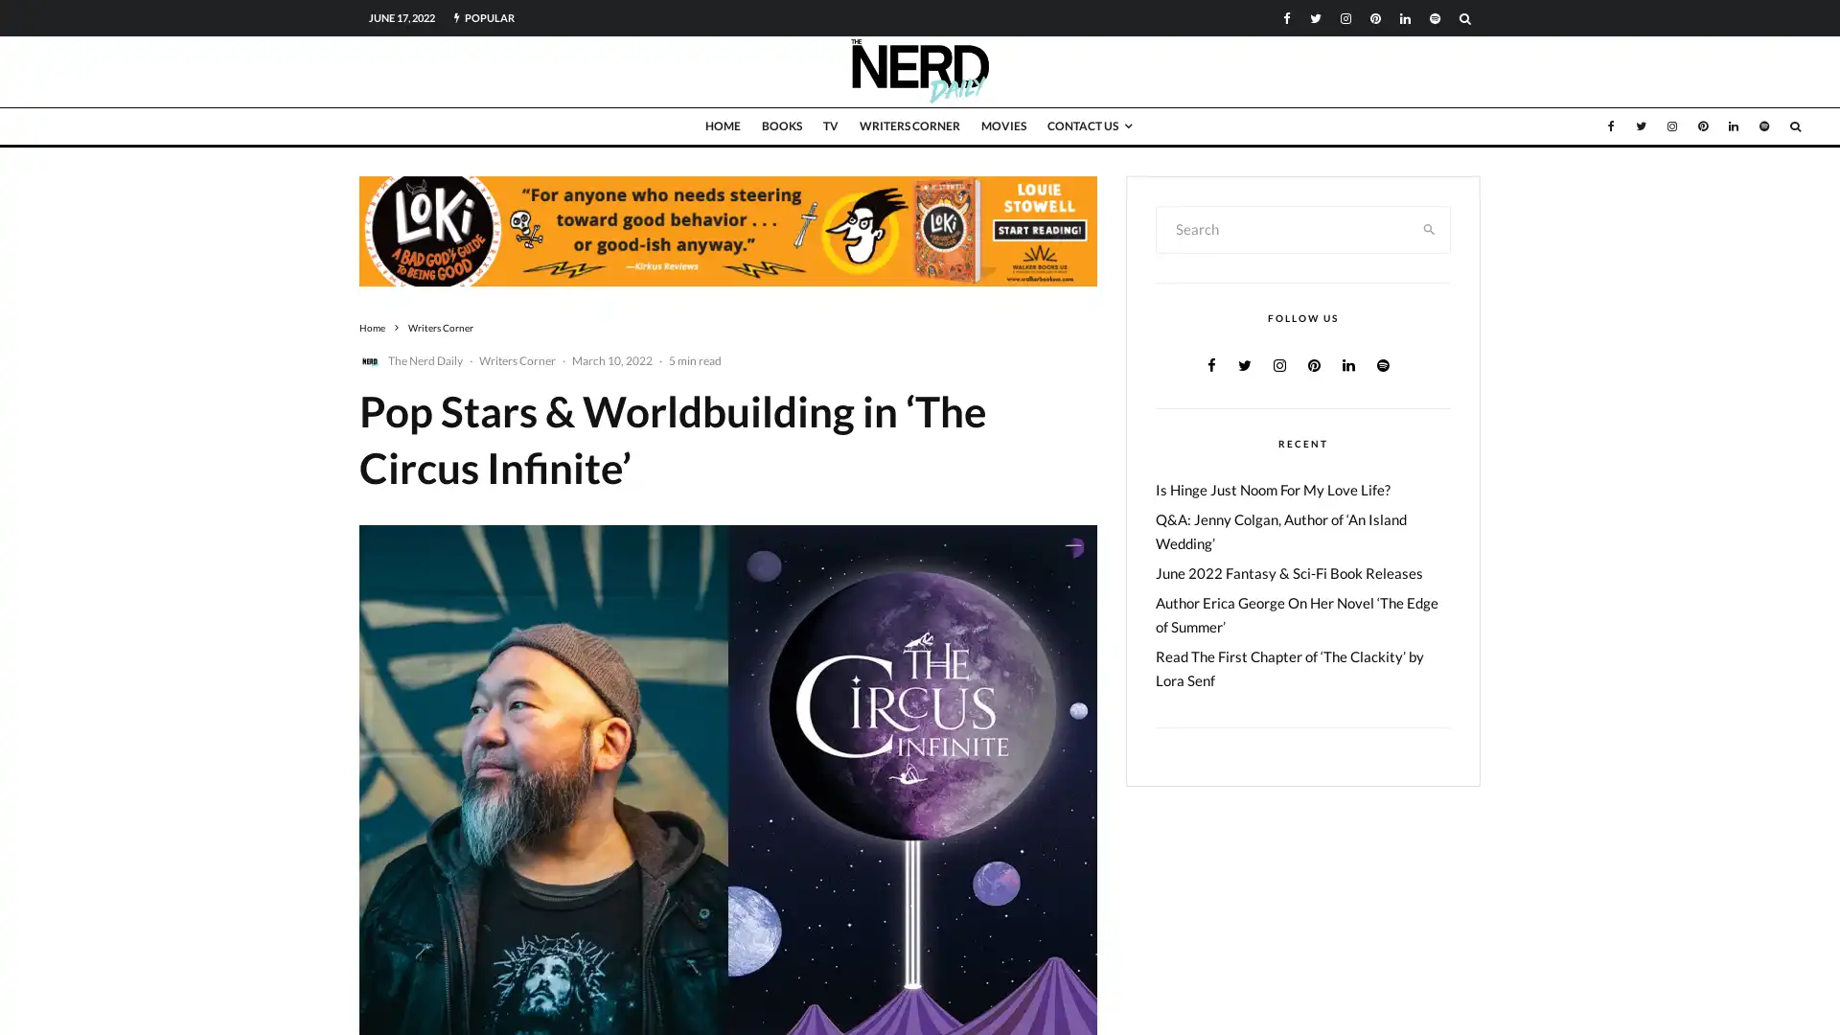 The width and height of the screenshot is (1840, 1035). Describe the element at coordinates (1429, 228) in the screenshot. I see `search` at that location.